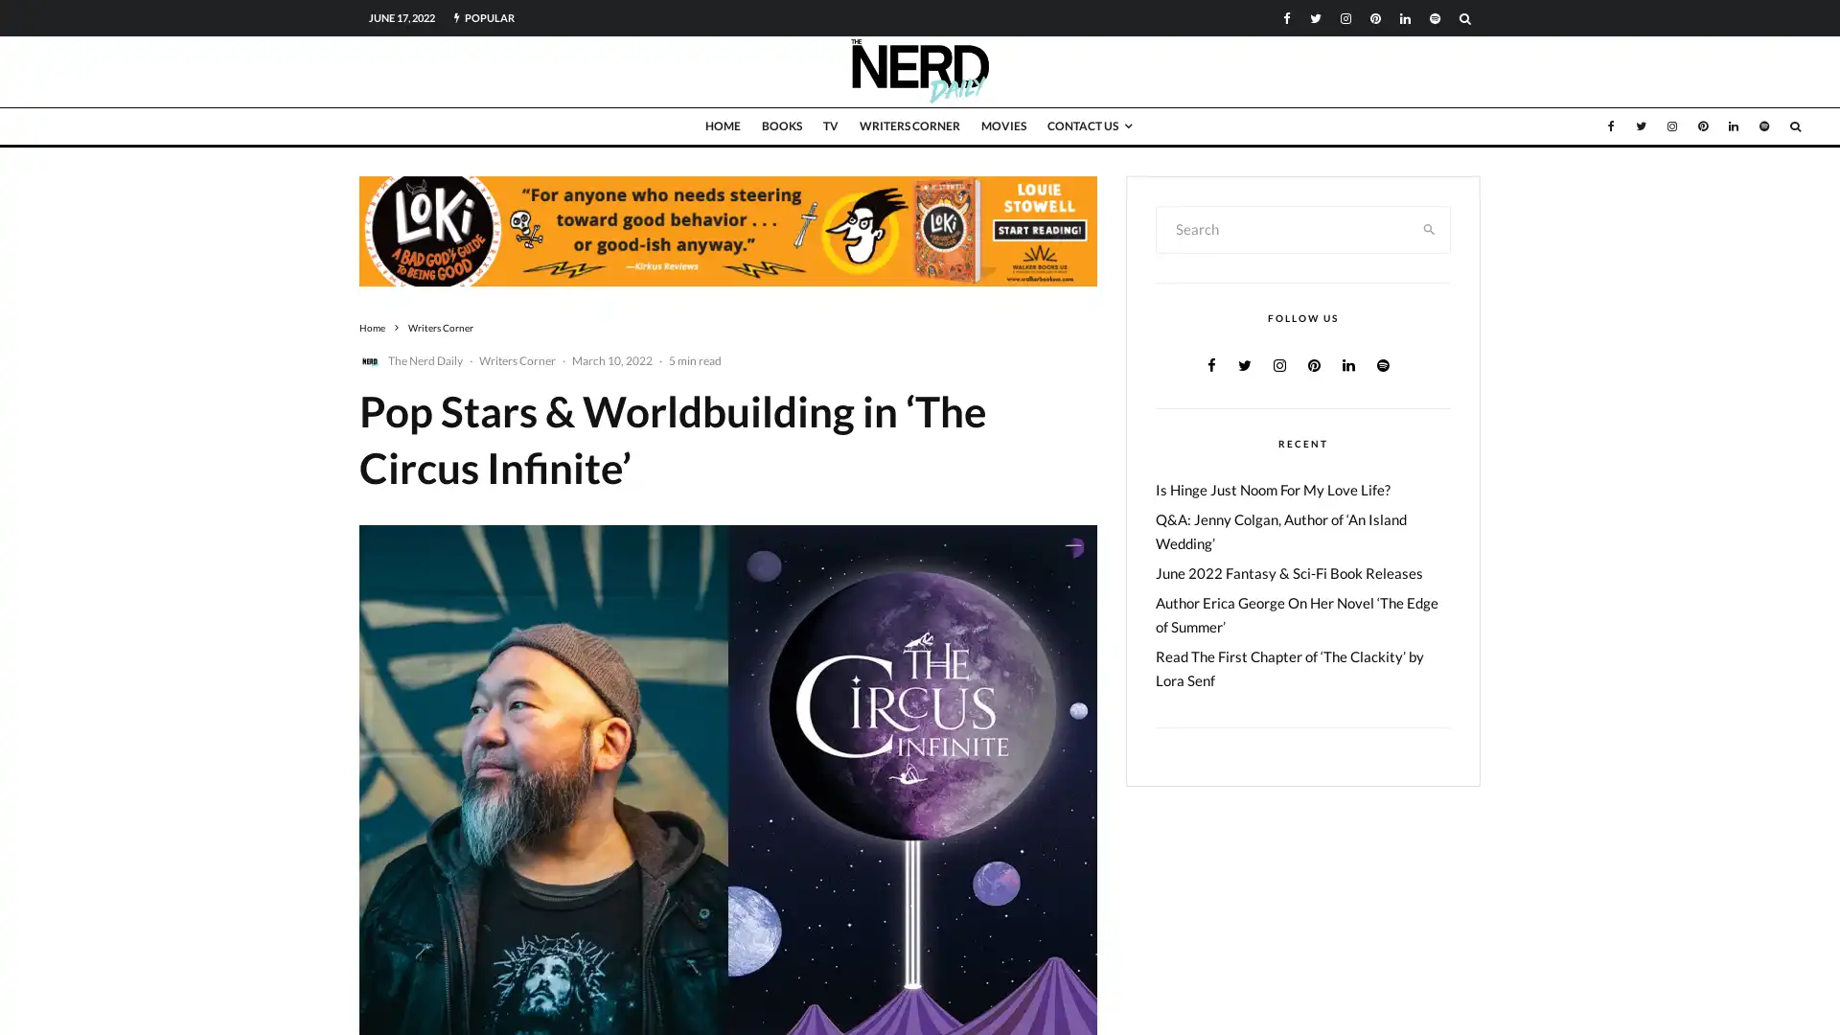 The width and height of the screenshot is (1840, 1035). Describe the element at coordinates (1429, 228) in the screenshot. I see `search` at that location.